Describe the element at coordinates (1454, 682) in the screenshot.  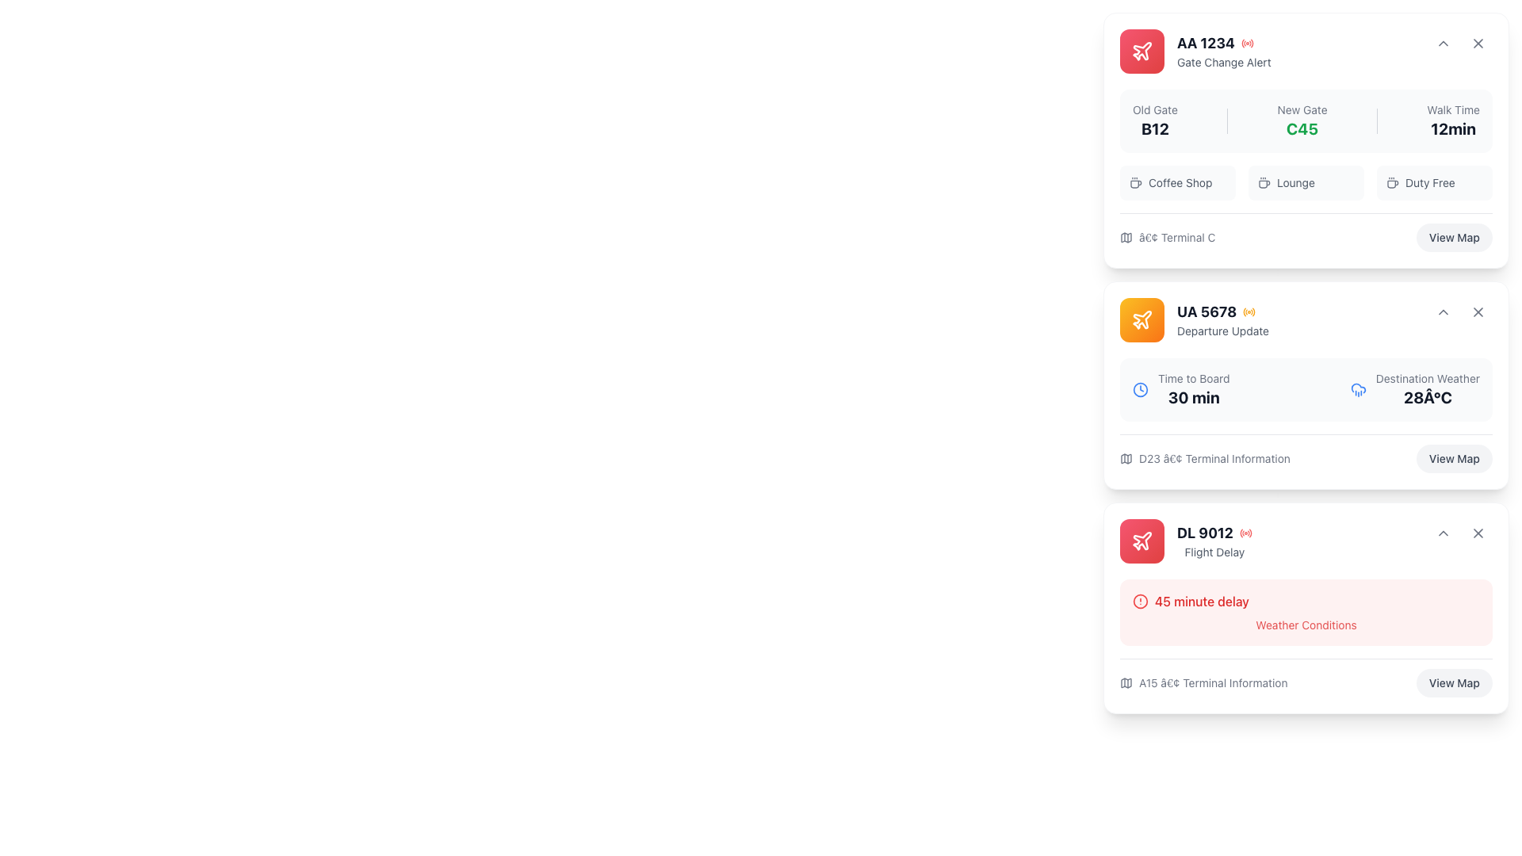
I see `the button located at the bottom-right corner of the 'DL 9012' flight delay information card` at that location.